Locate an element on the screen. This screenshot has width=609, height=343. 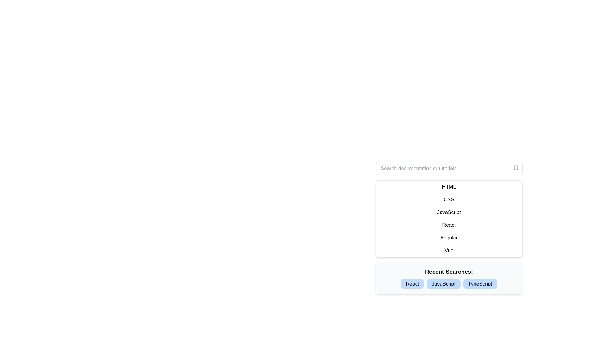
the list item displaying the text 'Angular' in bold black font is located at coordinates (449, 238).